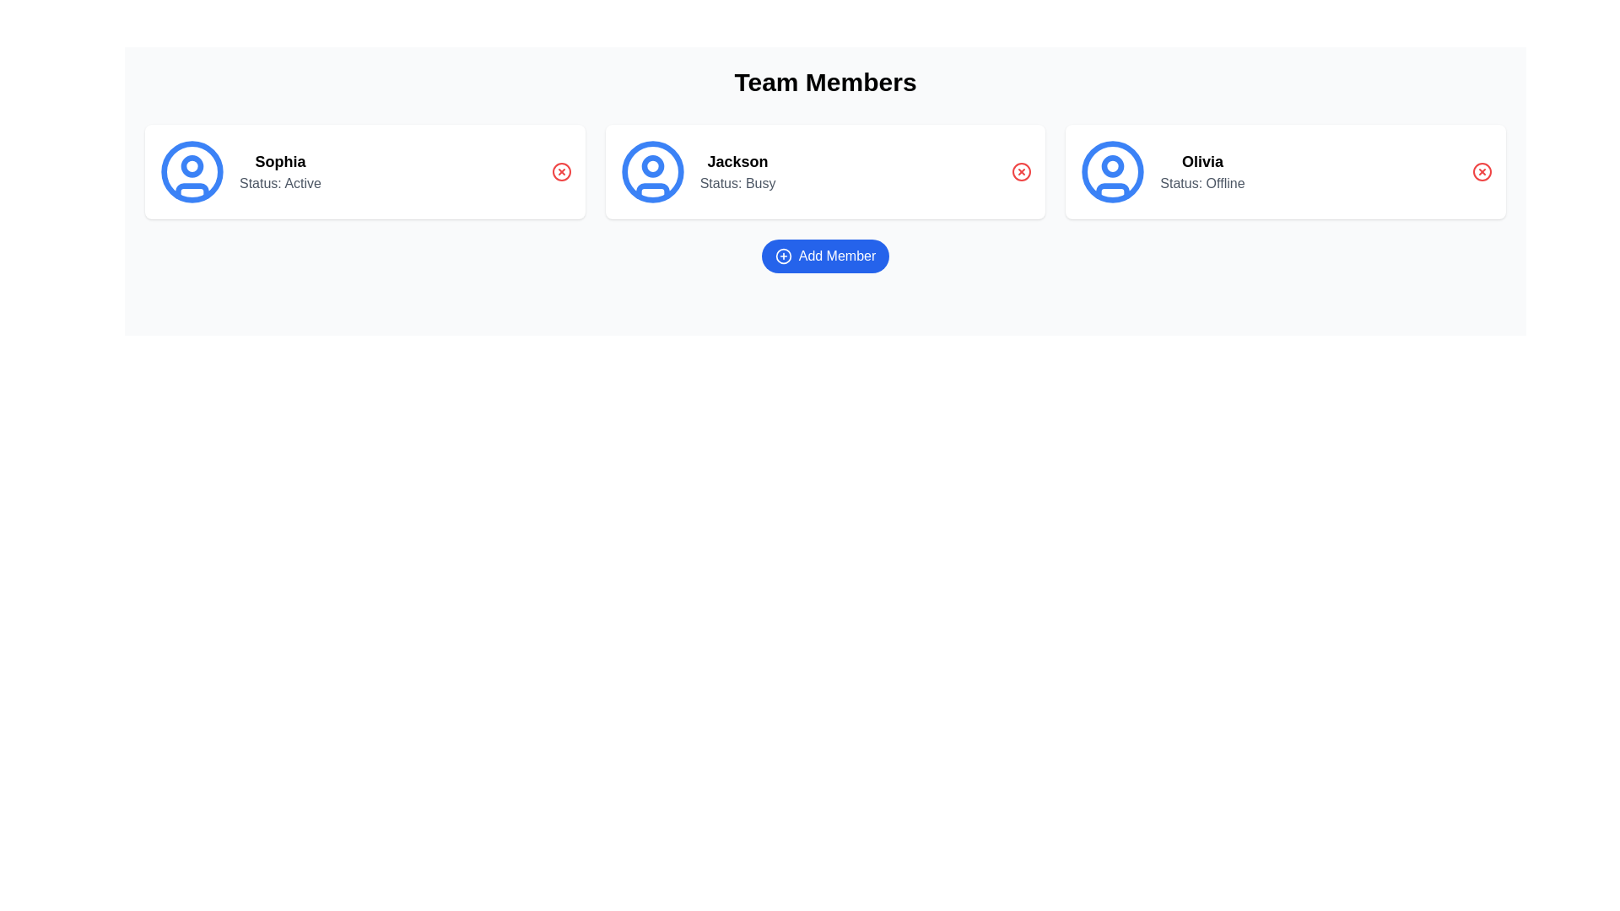  What do you see at coordinates (280, 184) in the screenshot?
I see `the text label displaying 'Status: Active', which is styled in gray font and located directly below the name 'Sophia'` at bounding box center [280, 184].